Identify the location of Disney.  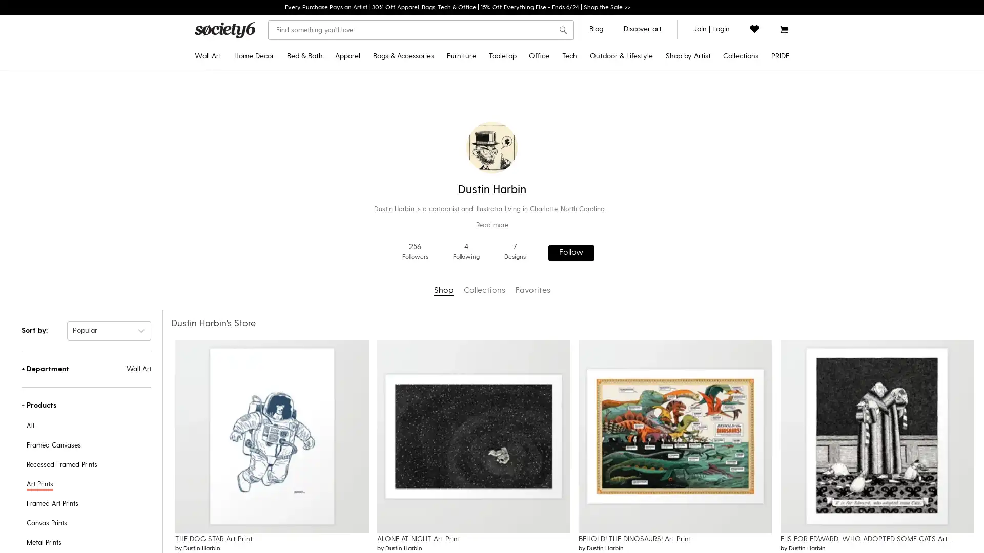
(660, 82).